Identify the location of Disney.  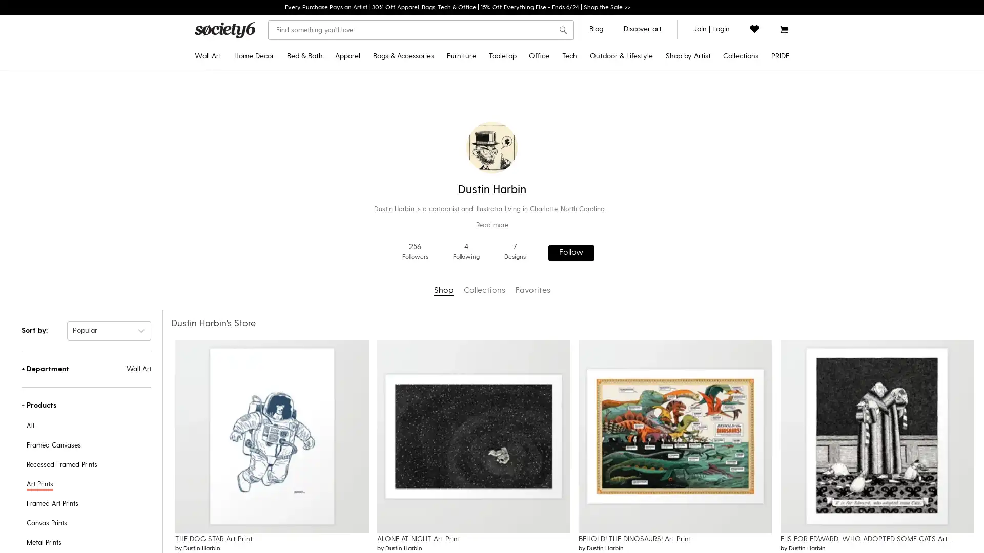
(660, 82).